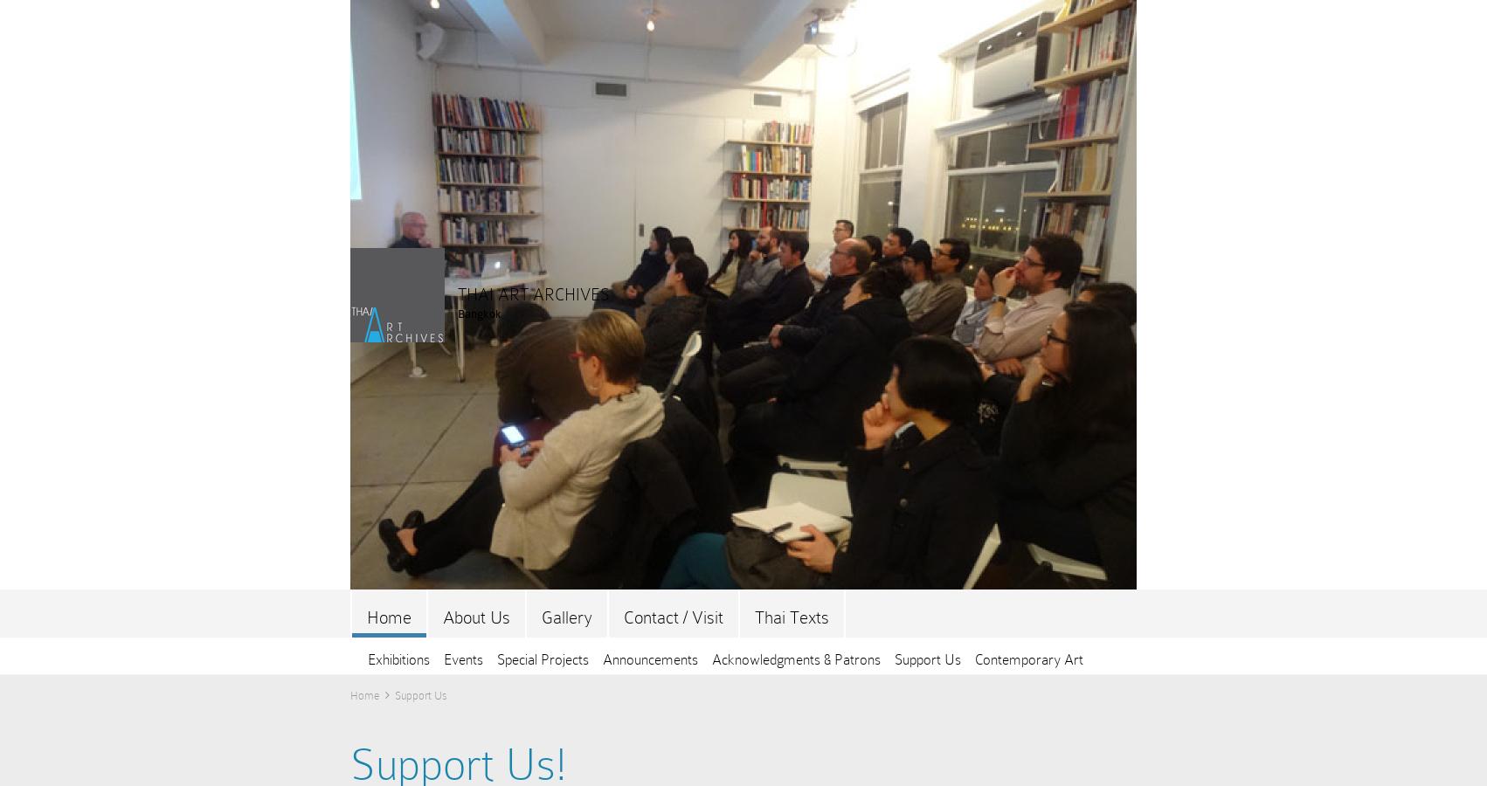  I want to click on 'Thai Texts', so click(792, 617).